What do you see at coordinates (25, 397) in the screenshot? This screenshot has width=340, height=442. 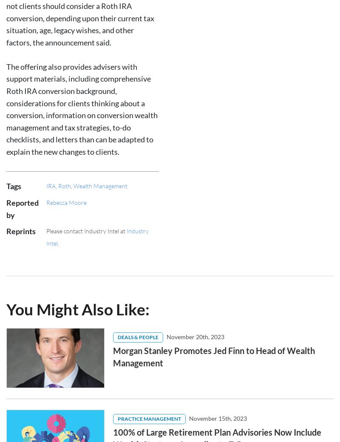 I see `'Print Archives'` at bounding box center [25, 397].